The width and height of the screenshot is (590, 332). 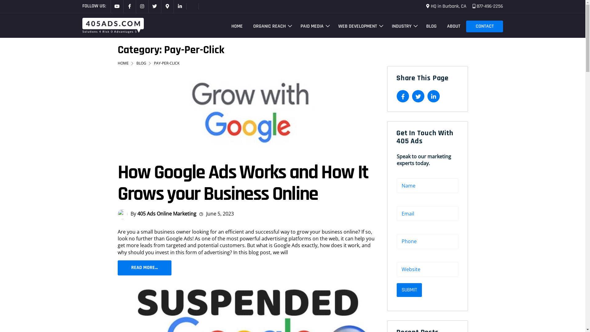 I want to click on 'Share on Facebook', so click(x=403, y=96).